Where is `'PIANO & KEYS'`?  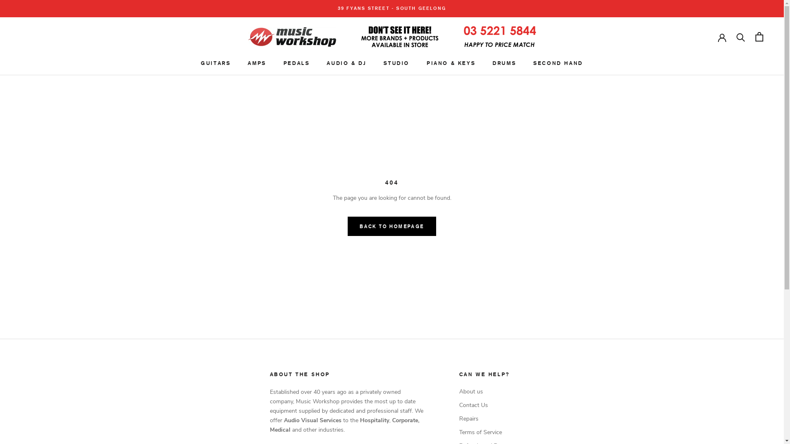 'PIANO & KEYS' is located at coordinates (450, 62).